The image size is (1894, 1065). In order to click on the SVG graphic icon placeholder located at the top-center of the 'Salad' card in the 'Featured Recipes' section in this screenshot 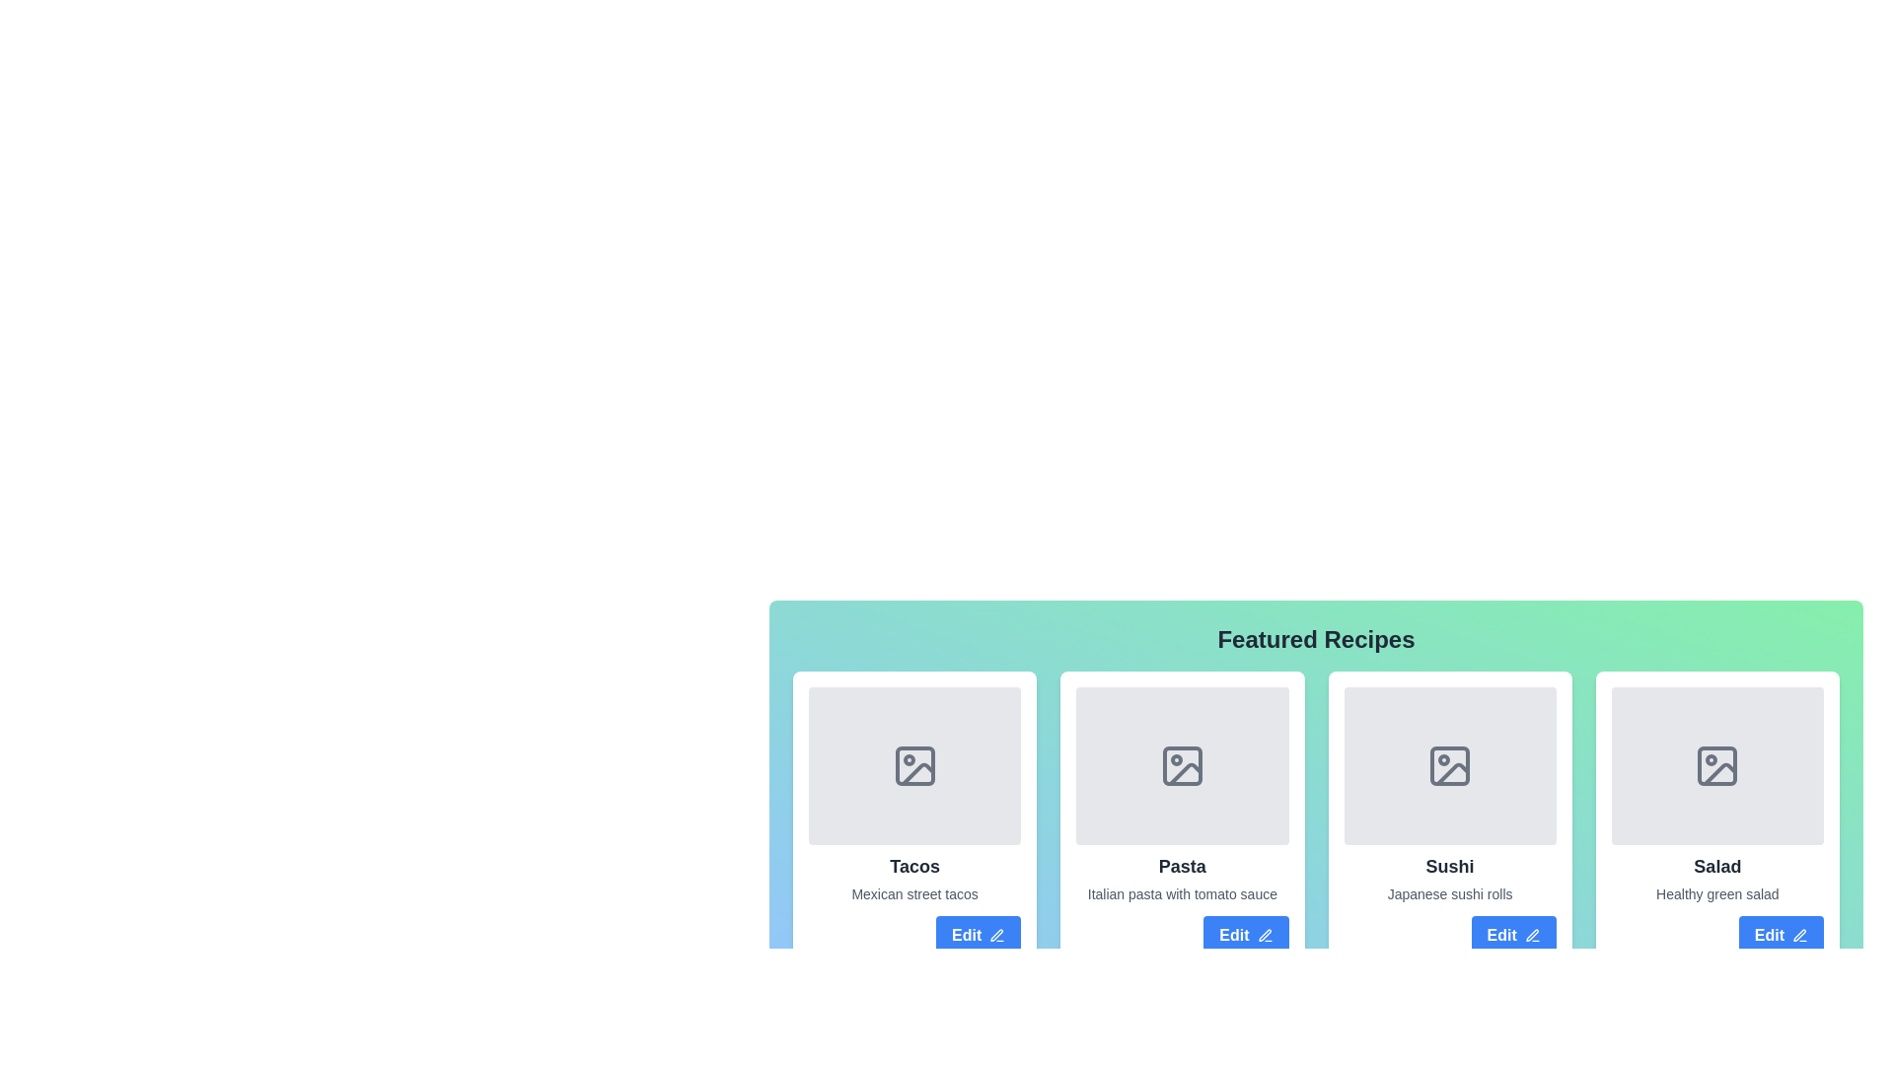, I will do `click(1716, 764)`.